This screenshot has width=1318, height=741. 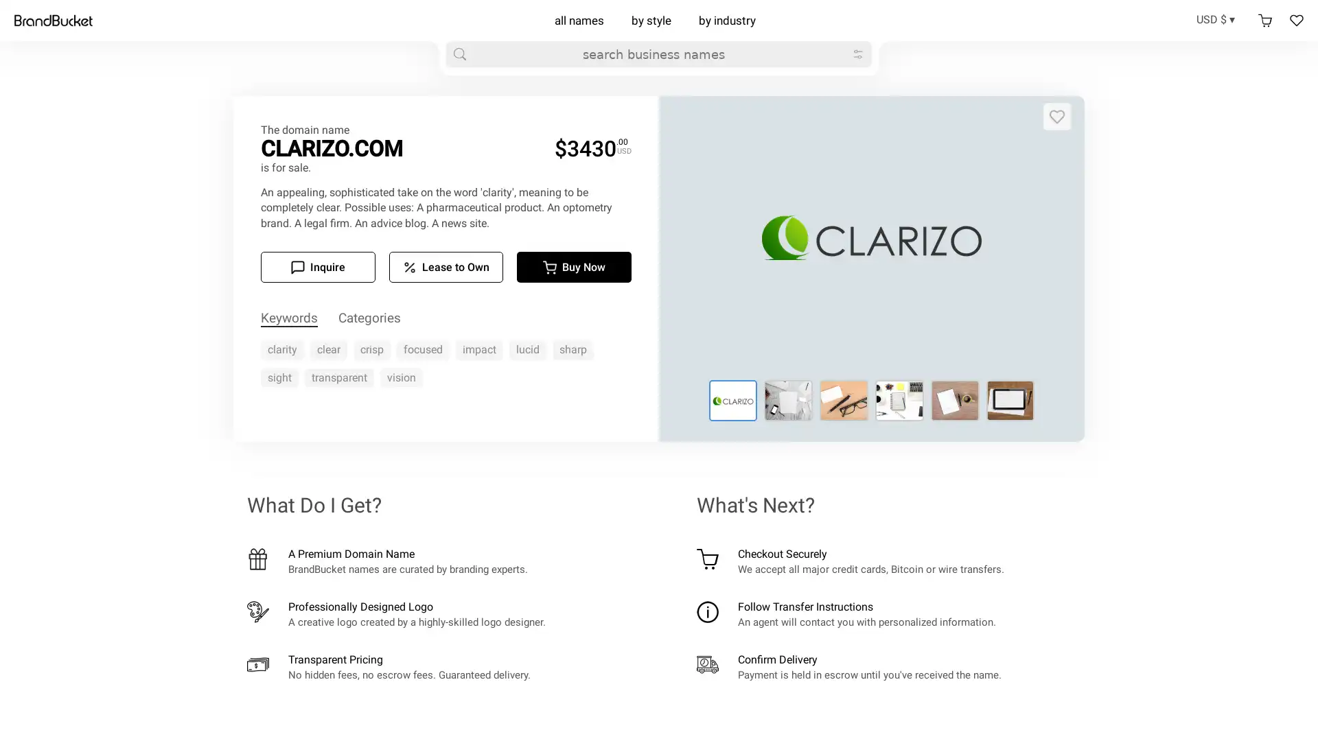 I want to click on Logo for clarizo.com, so click(x=732, y=400).